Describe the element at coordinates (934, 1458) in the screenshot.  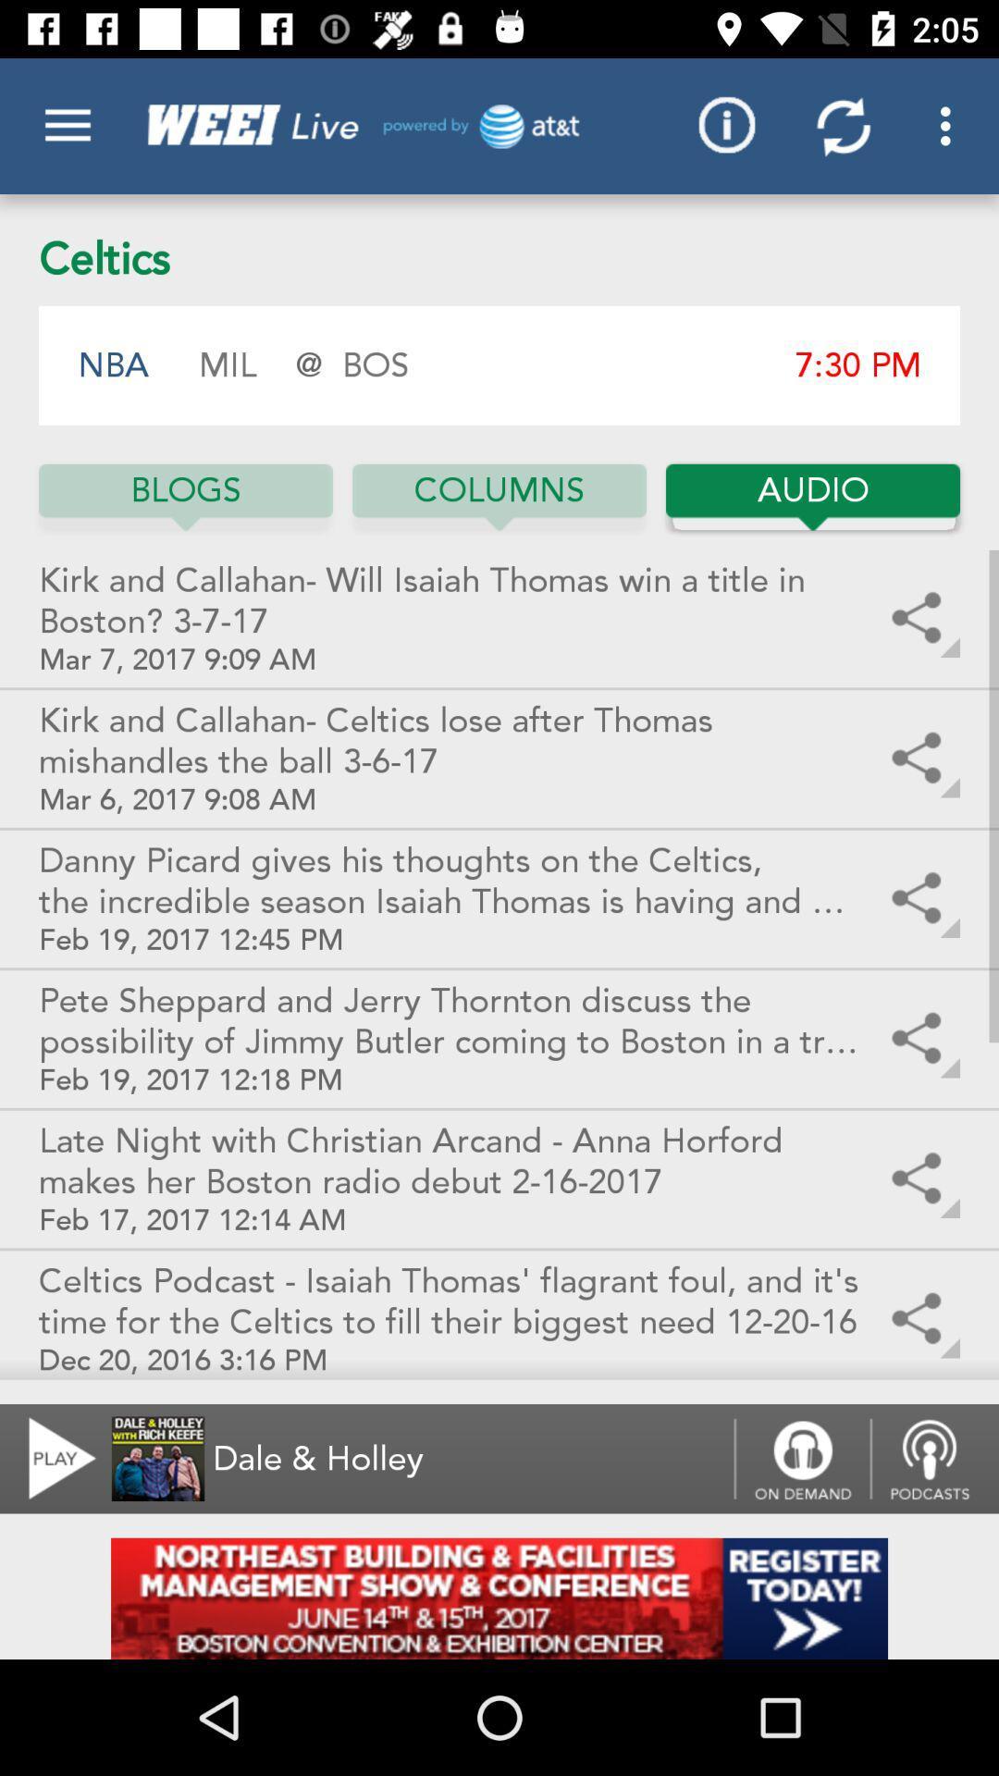
I see `the location icon` at that location.